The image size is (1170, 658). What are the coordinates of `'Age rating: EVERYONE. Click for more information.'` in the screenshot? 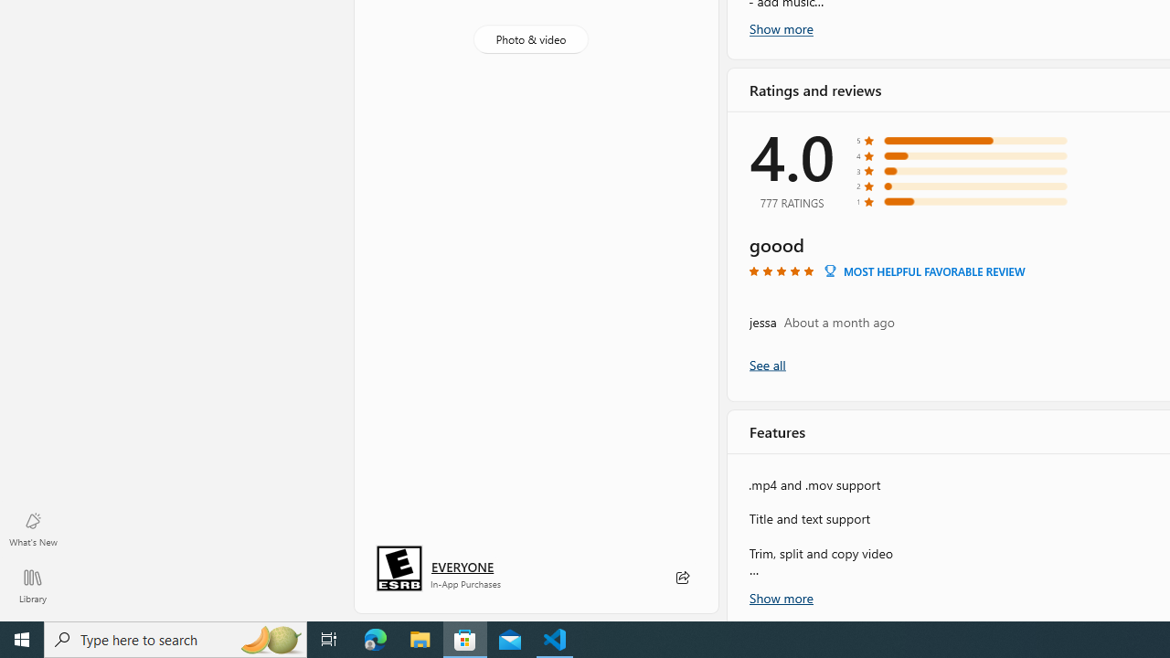 It's located at (463, 565).